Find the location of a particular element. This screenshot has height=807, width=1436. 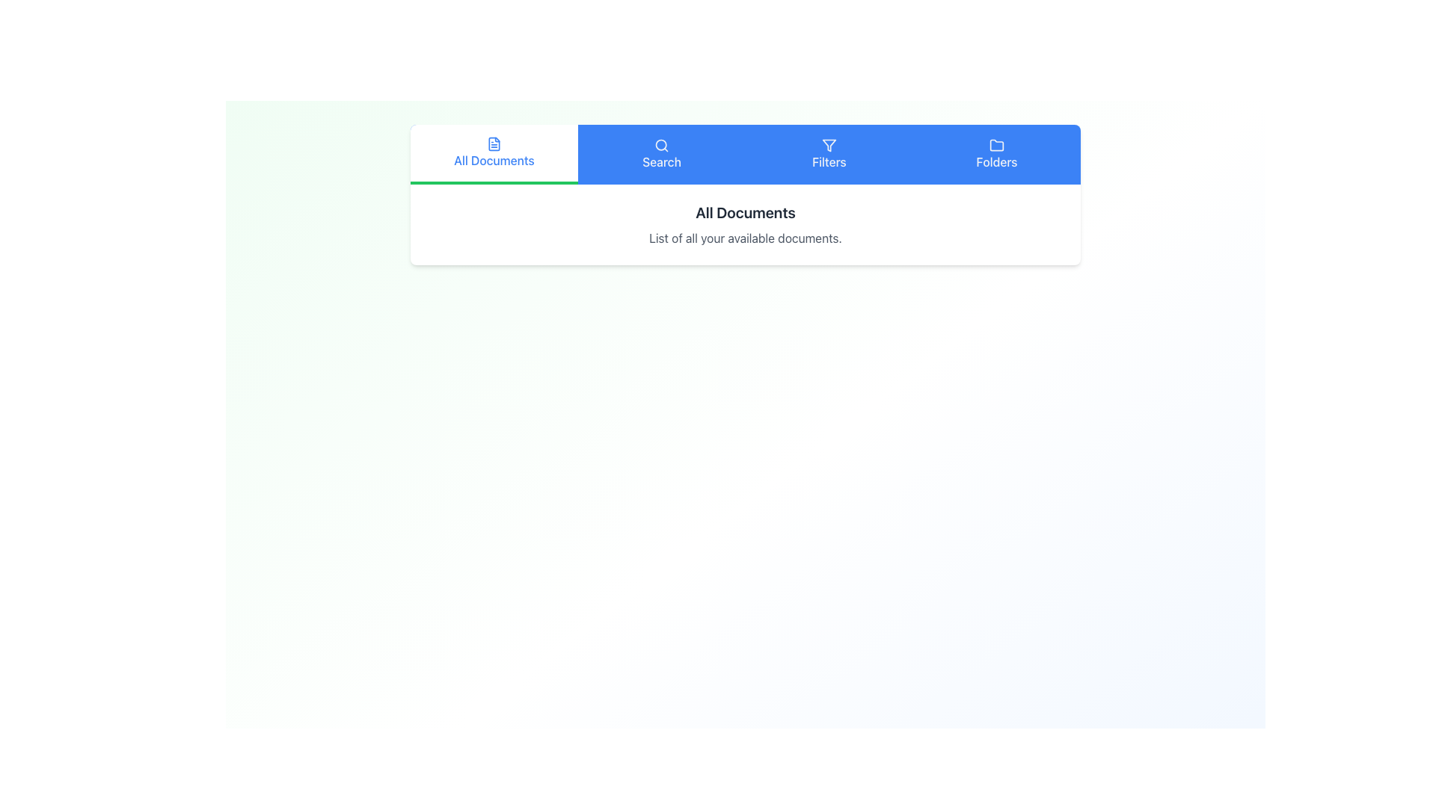

the document icon is located at coordinates (494, 143).